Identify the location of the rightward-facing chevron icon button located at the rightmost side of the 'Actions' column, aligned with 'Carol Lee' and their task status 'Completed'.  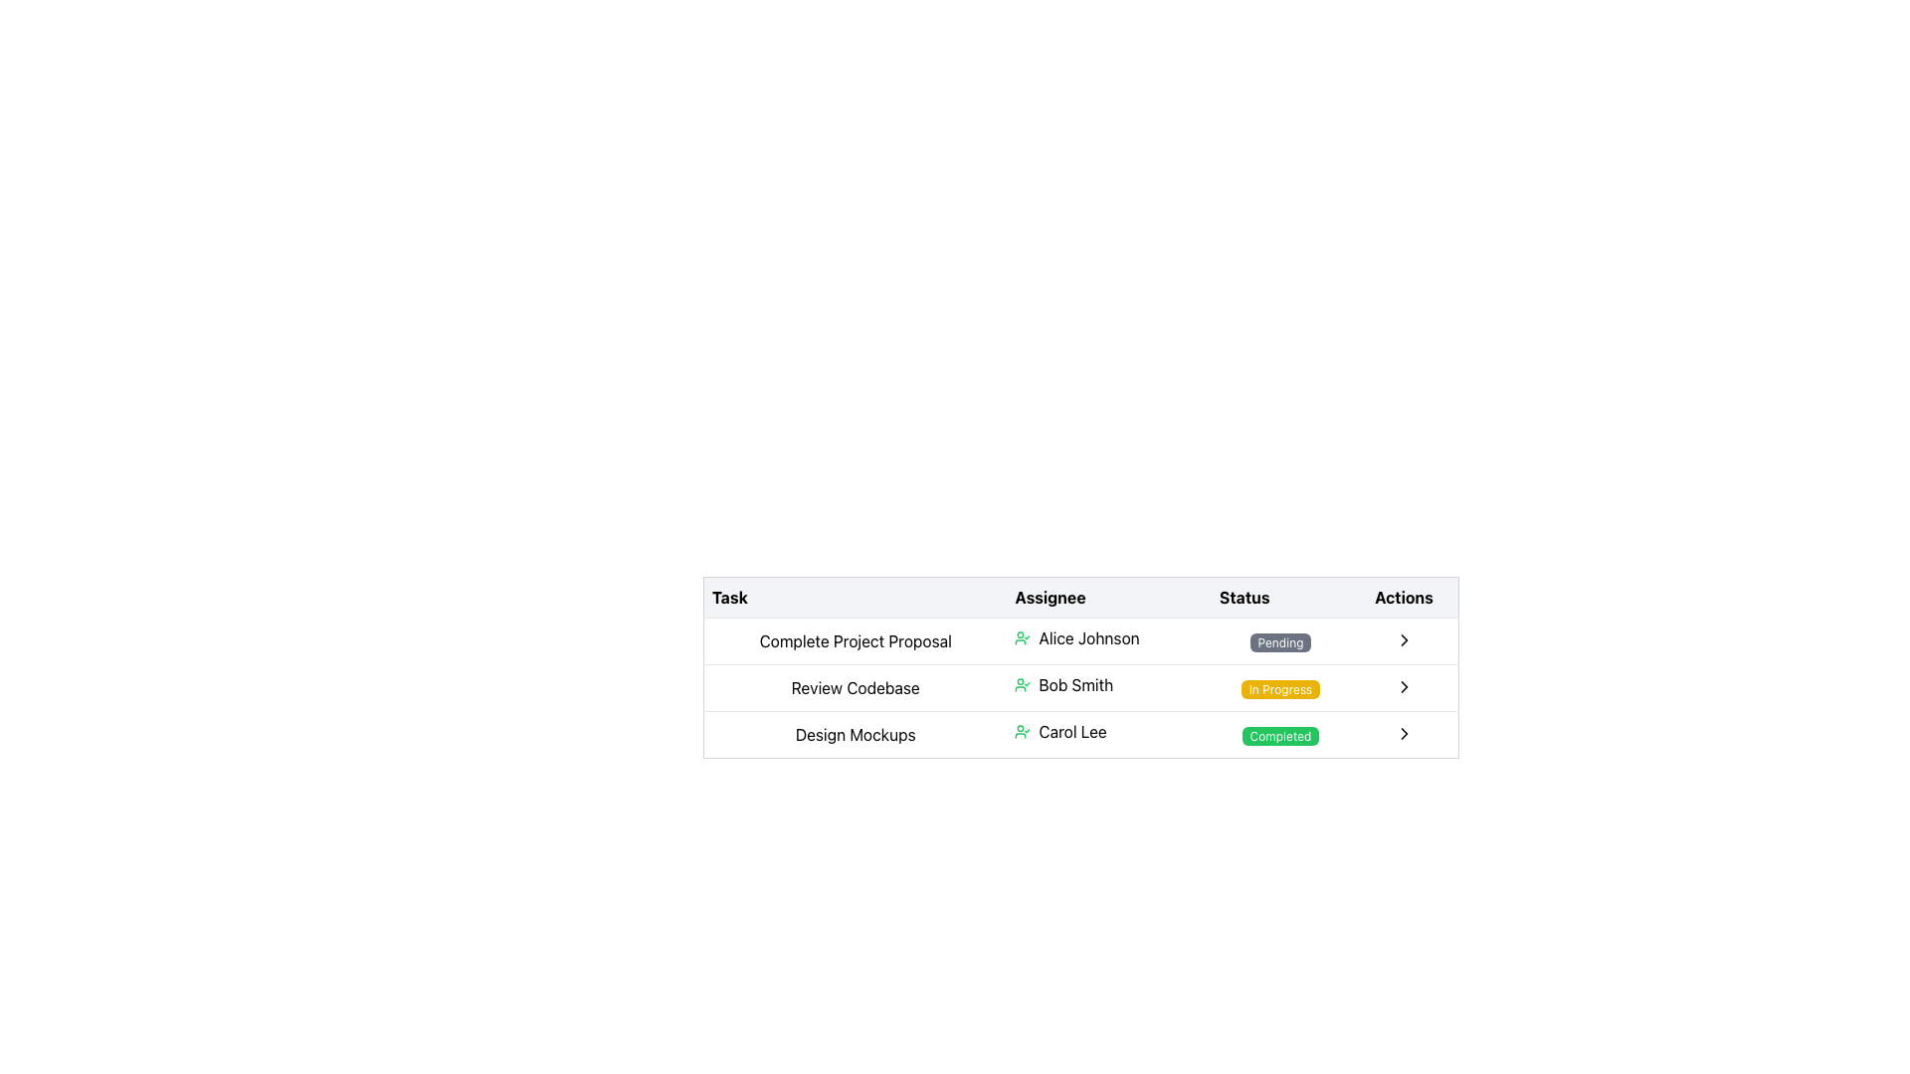
(1403, 733).